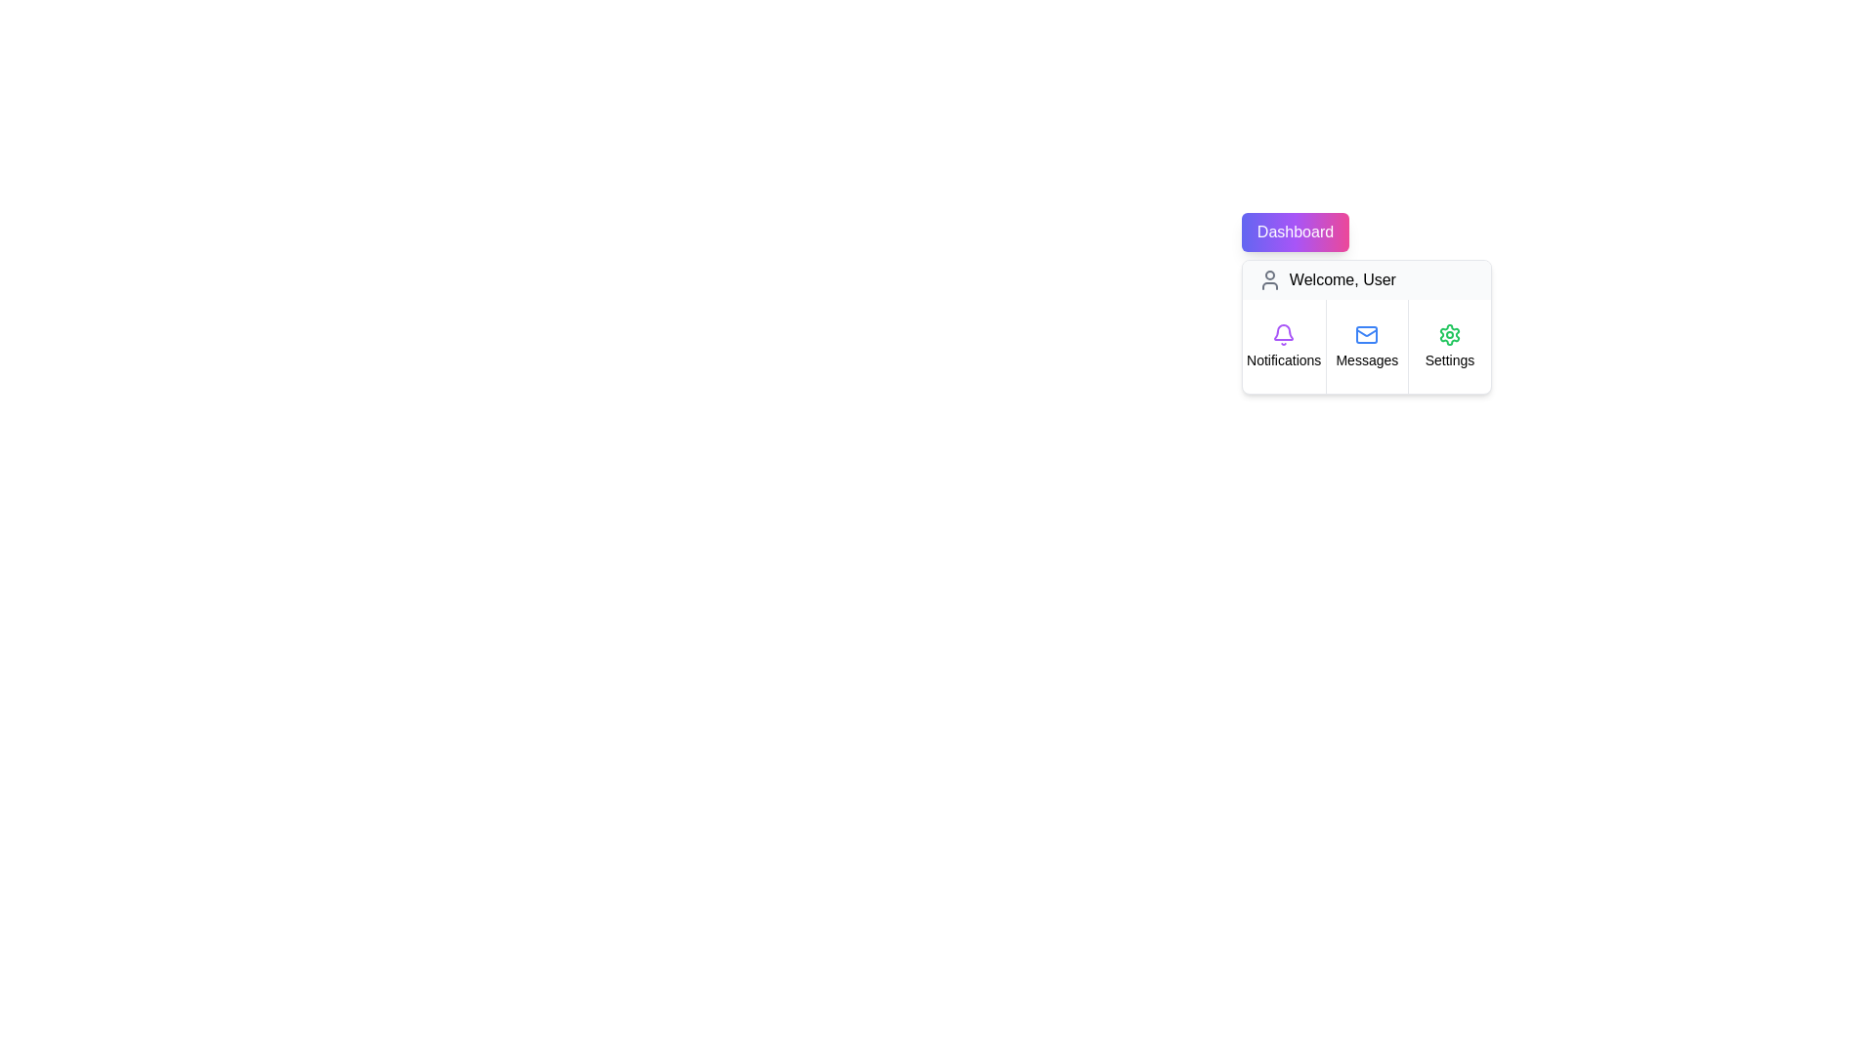  I want to click on 'Dashboard' button to toggle the dropdown menu, so click(1295, 232).